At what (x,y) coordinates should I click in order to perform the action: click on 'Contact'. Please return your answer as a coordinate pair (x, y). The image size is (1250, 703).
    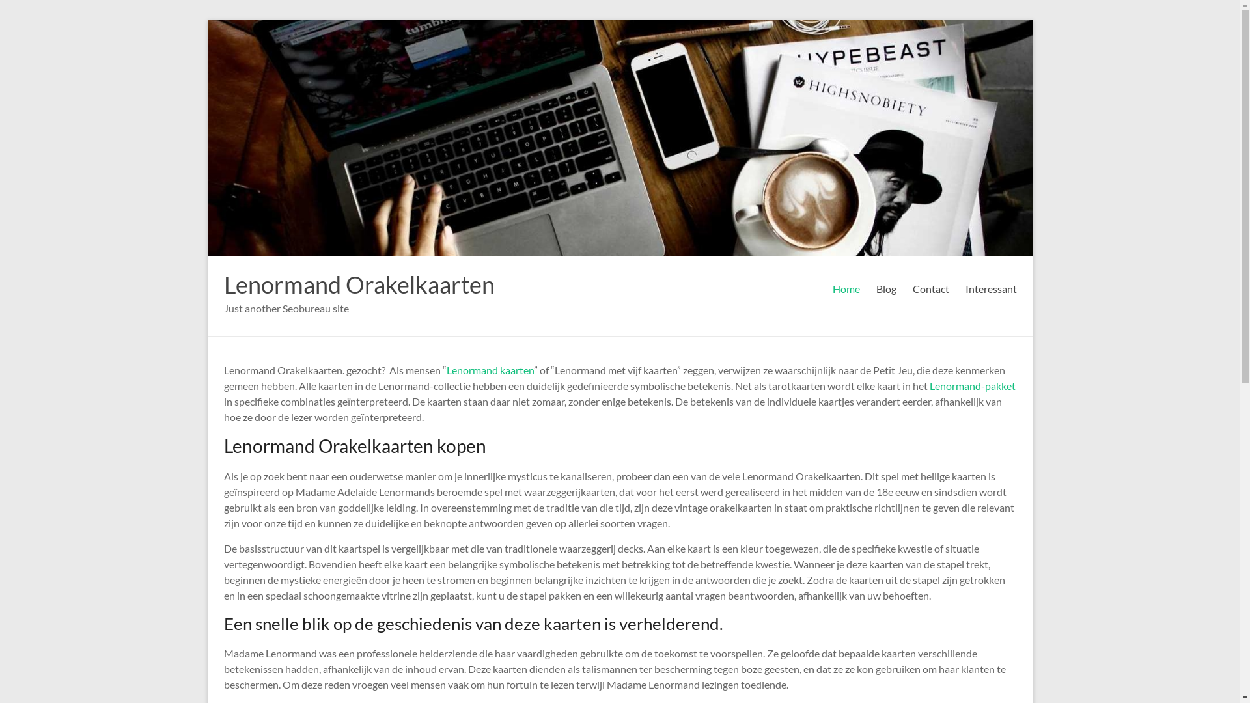
    Looking at the image, I should click on (930, 288).